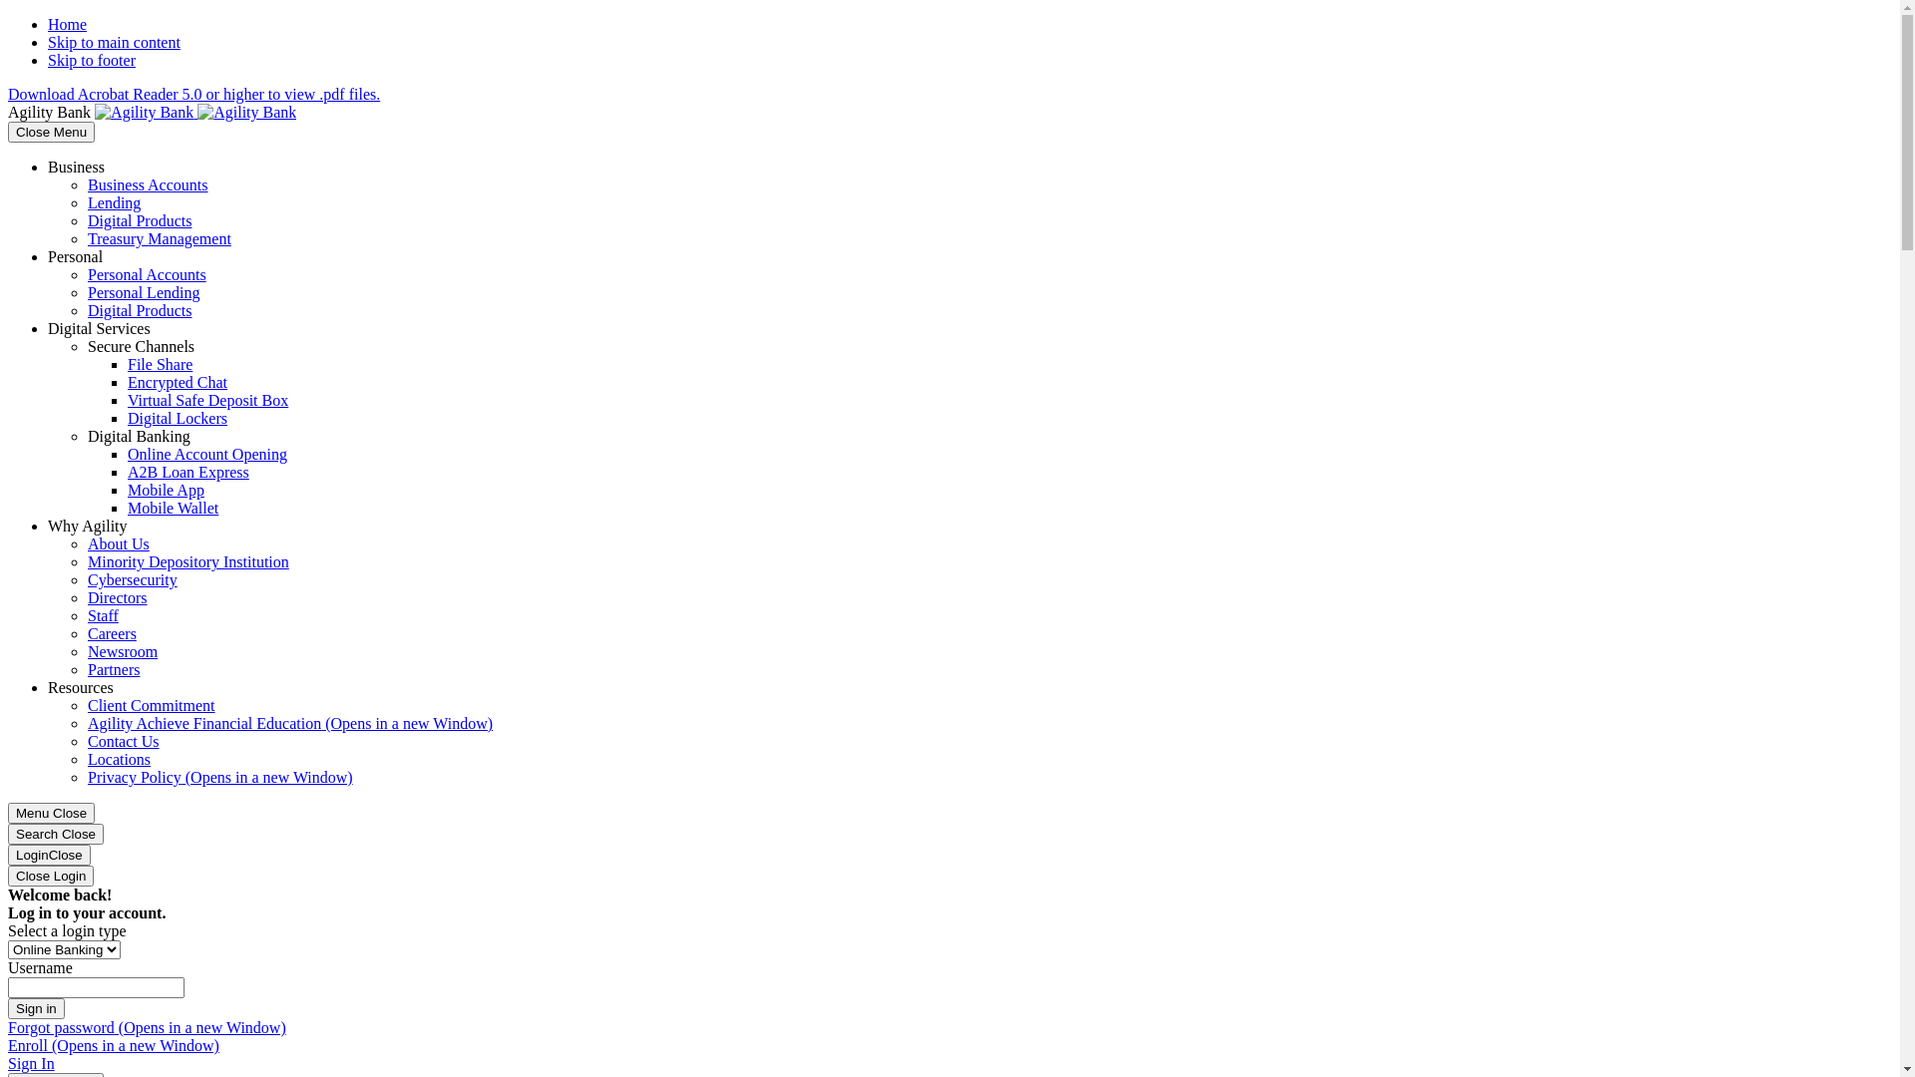 The height and width of the screenshot is (1077, 1915). What do you see at coordinates (51, 813) in the screenshot?
I see `'Menu Close'` at bounding box center [51, 813].